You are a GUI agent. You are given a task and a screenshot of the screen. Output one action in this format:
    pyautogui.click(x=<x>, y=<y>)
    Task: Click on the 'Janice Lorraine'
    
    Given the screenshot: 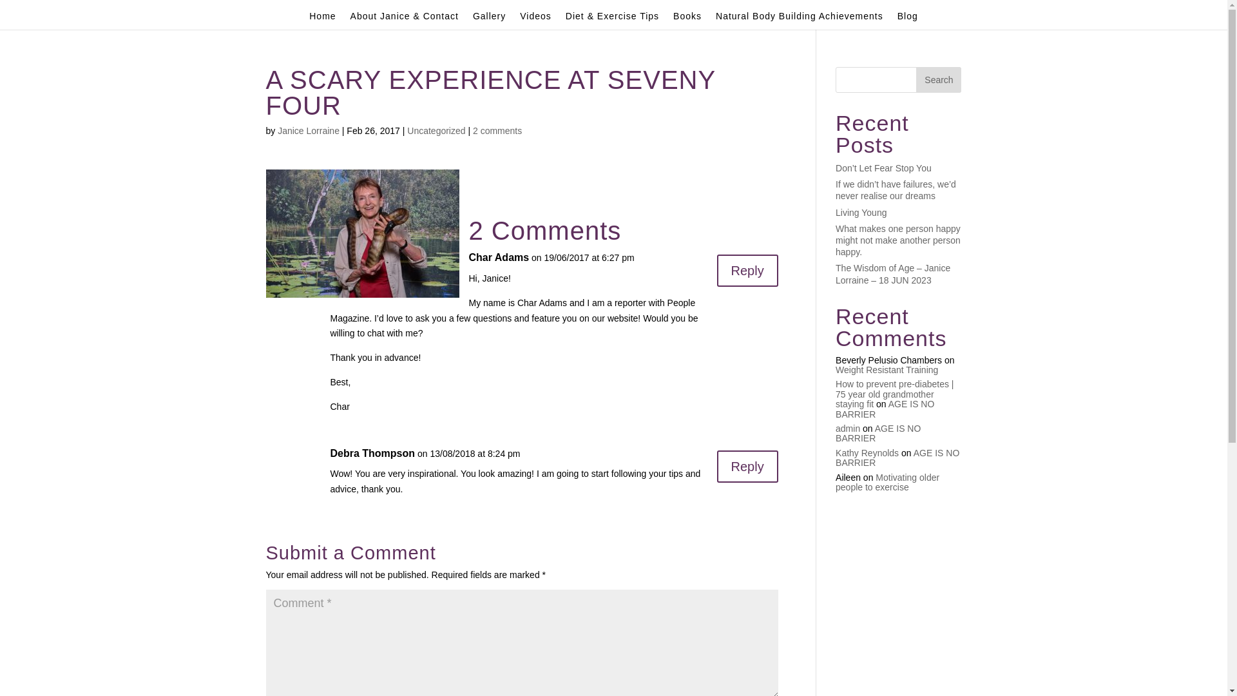 What is the action you would take?
    pyautogui.click(x=308, y=131)
    